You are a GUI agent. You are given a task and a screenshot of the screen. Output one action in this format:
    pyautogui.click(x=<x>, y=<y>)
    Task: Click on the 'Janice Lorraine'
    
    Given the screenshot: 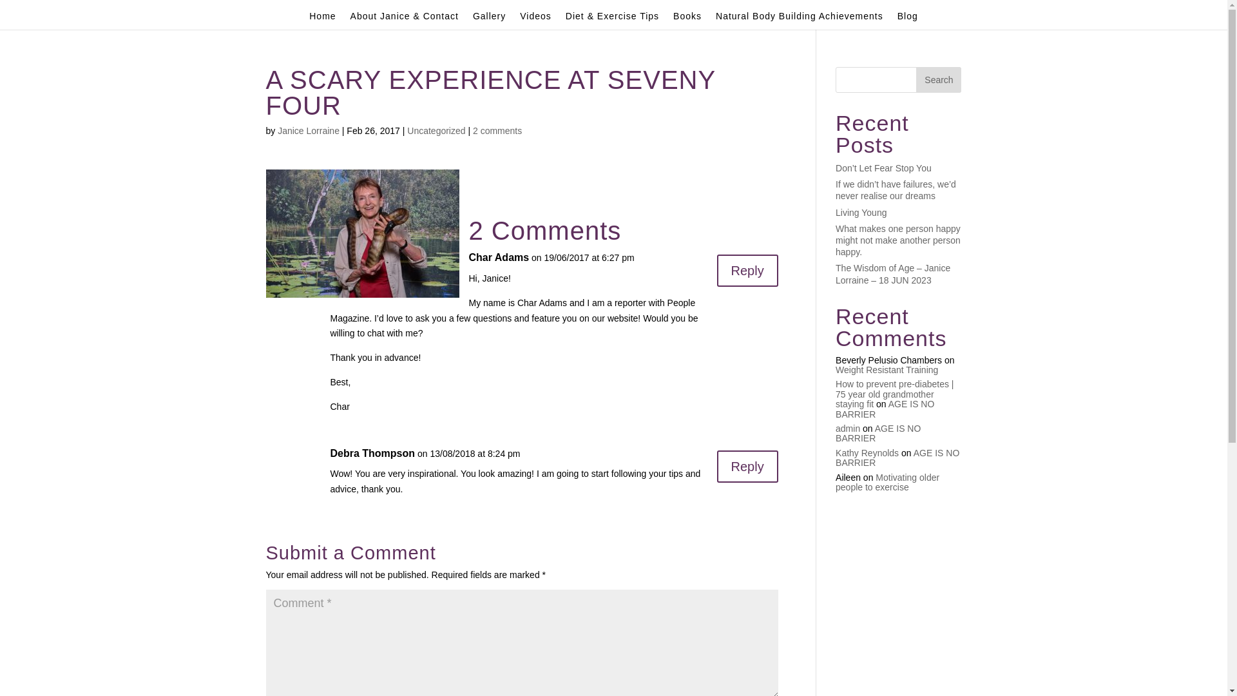 What is the action you would take?
    pyautogui.click(x=308, y=131)
    